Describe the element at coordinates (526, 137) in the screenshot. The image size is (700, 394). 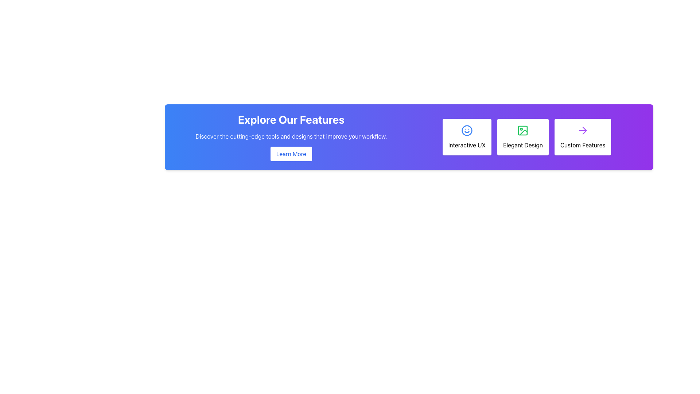
I see `the 'Elegant Design' informational card, which is the second card in a row of three, positioned between 'Interactive UX' and 'Custom Features'` at that location.